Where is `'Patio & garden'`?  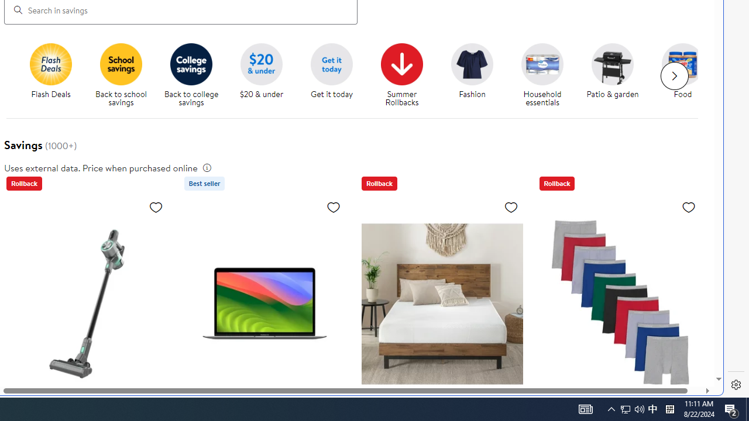
'Patio & garden' is located at coordinates (616, 75).